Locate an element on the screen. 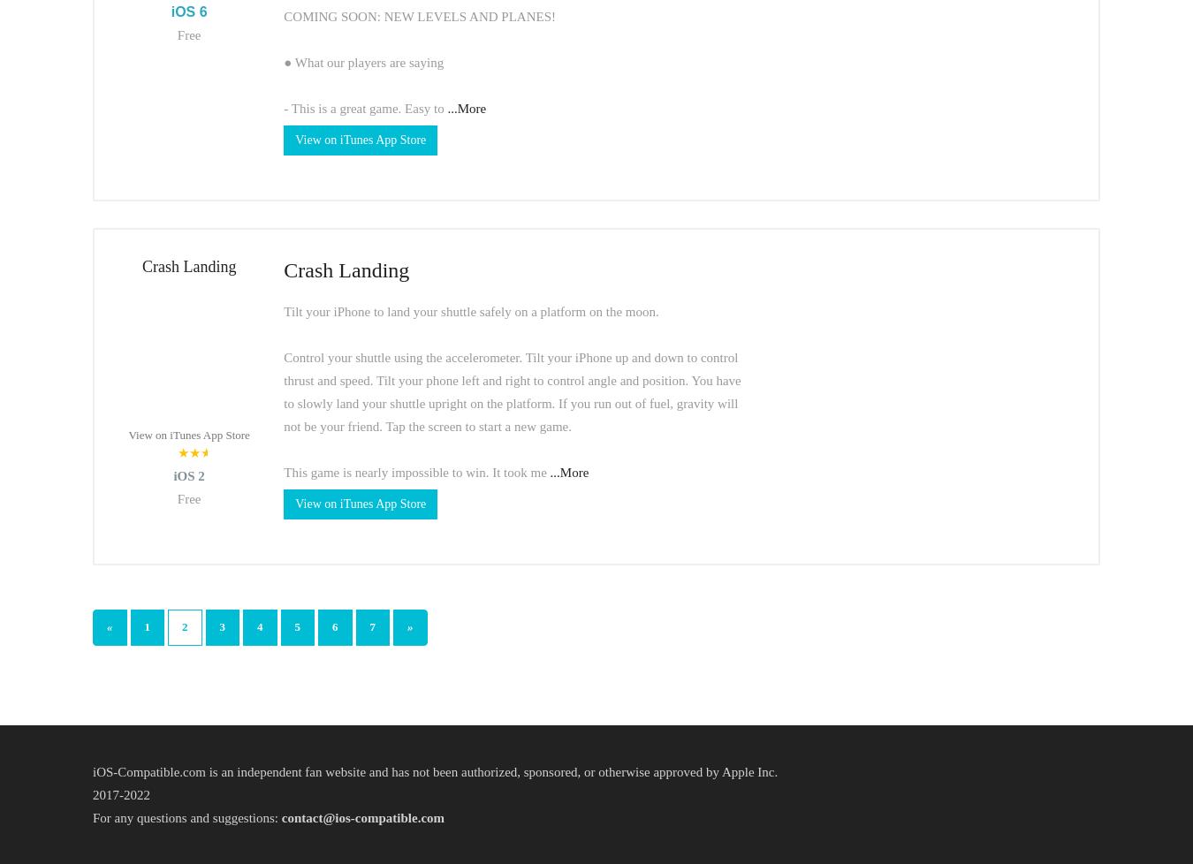  '2017-2022' is located at coordinates (121, 792).